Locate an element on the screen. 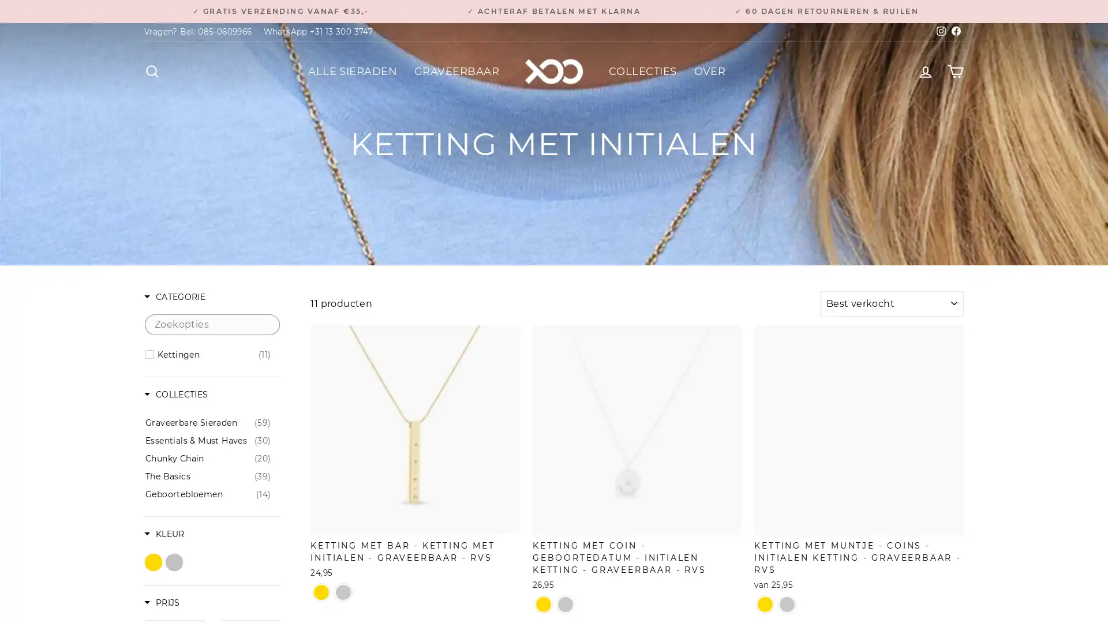 The image size is (1108, 623). Filter by Kleur is located at coordinates (163, 535).